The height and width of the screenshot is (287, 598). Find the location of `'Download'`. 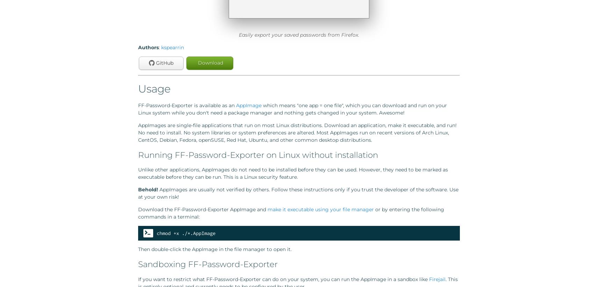

'Download' is located at coordinates (210, 62).